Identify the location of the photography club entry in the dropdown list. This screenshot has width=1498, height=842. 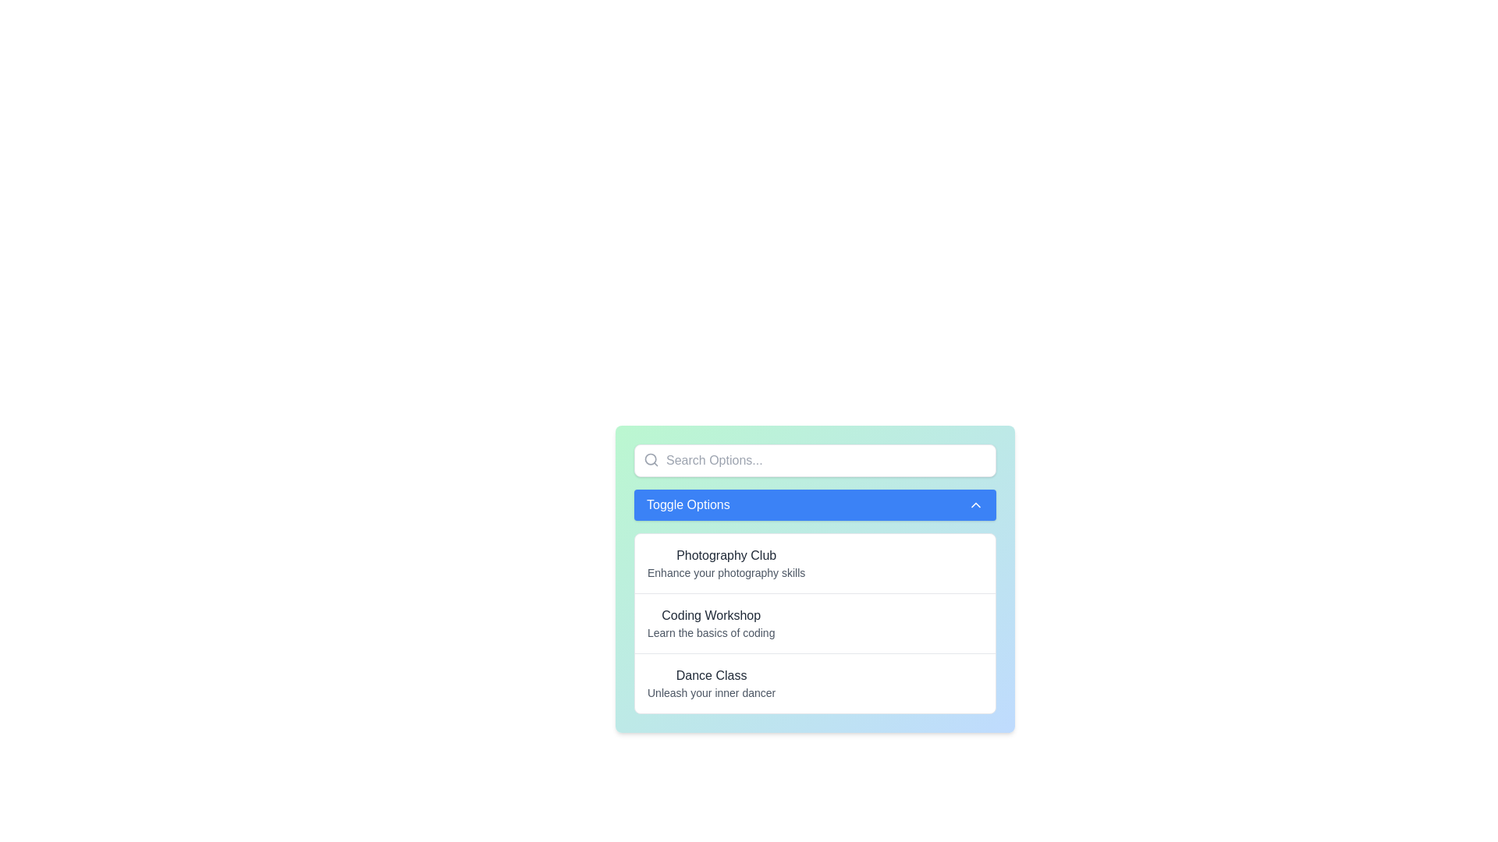
(726, 563).